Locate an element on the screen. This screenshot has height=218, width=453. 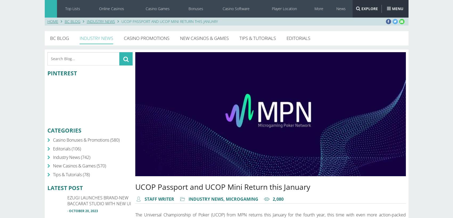
'EXPLORE' is located at coordinates (360, 8).